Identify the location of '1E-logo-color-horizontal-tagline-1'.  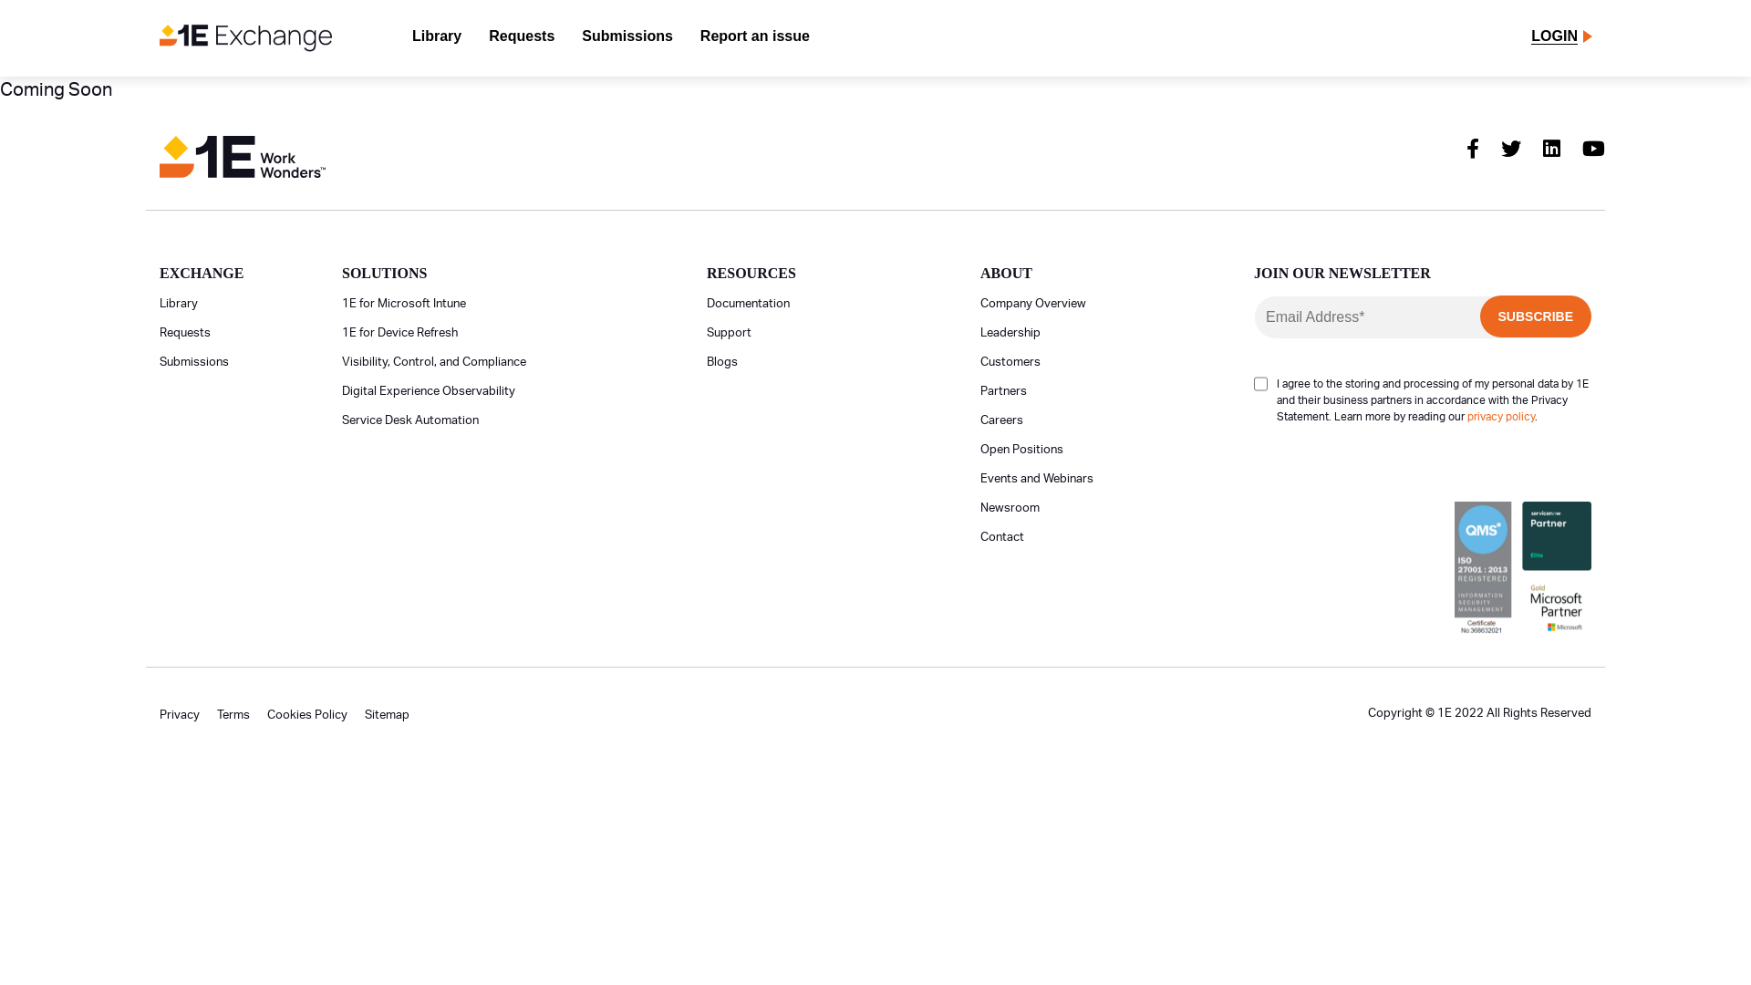
(241, 156).